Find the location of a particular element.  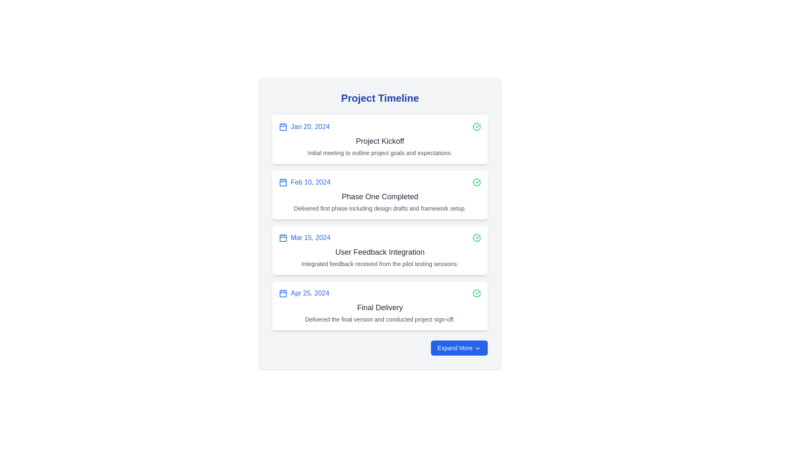

the main body of the calendar icon located in the left part of the 'Feb 10, 2024' timeline entry is located at coordinates (283, 182).